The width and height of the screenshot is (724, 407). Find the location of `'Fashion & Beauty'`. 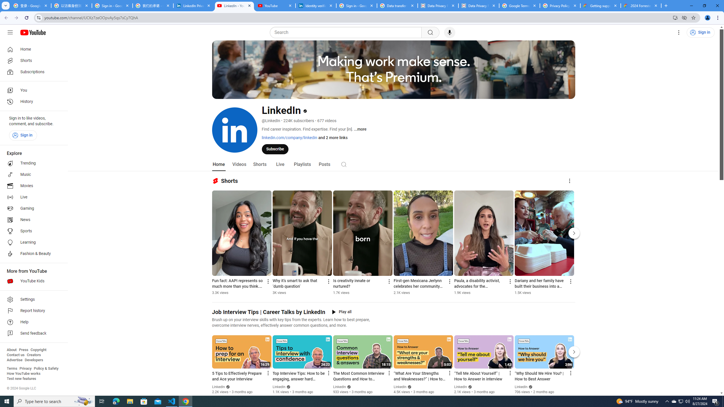

'Fashion & Beauty' is located at coordinates (32, 254).